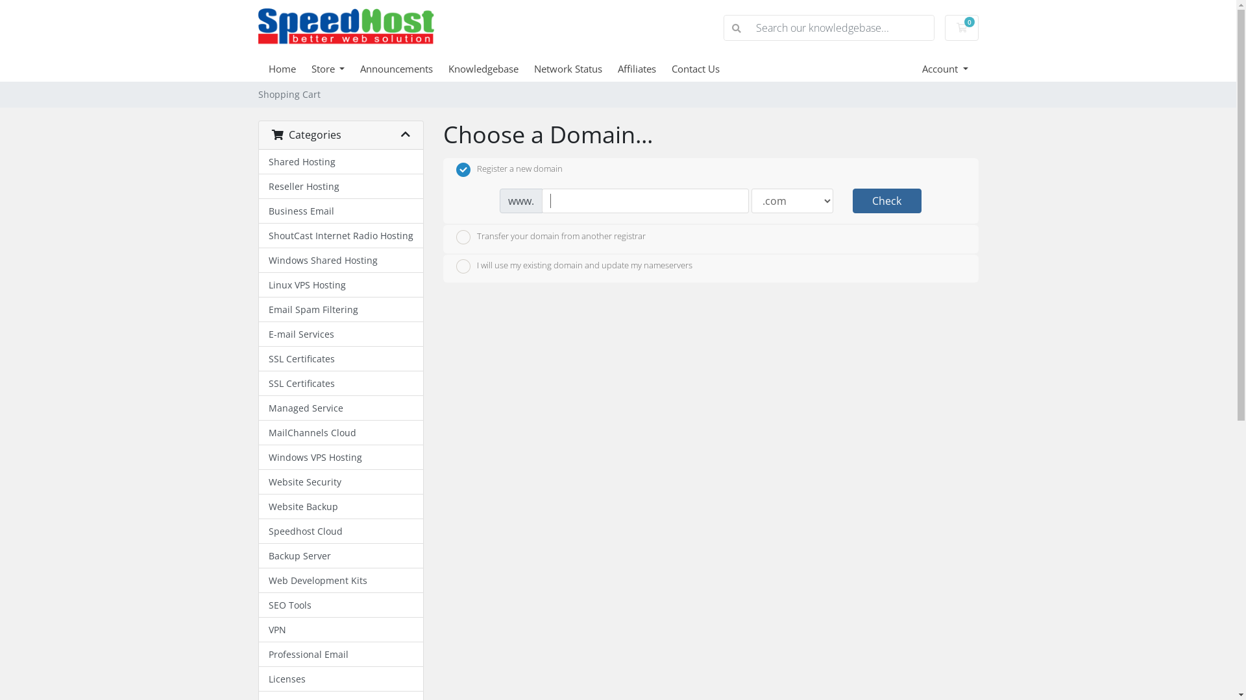 Image resolution: width=1246 pixels, height=700 pixels. Describe the element at coordinates (340, 629) in the screenshot. I see `'VPN'` at that location.